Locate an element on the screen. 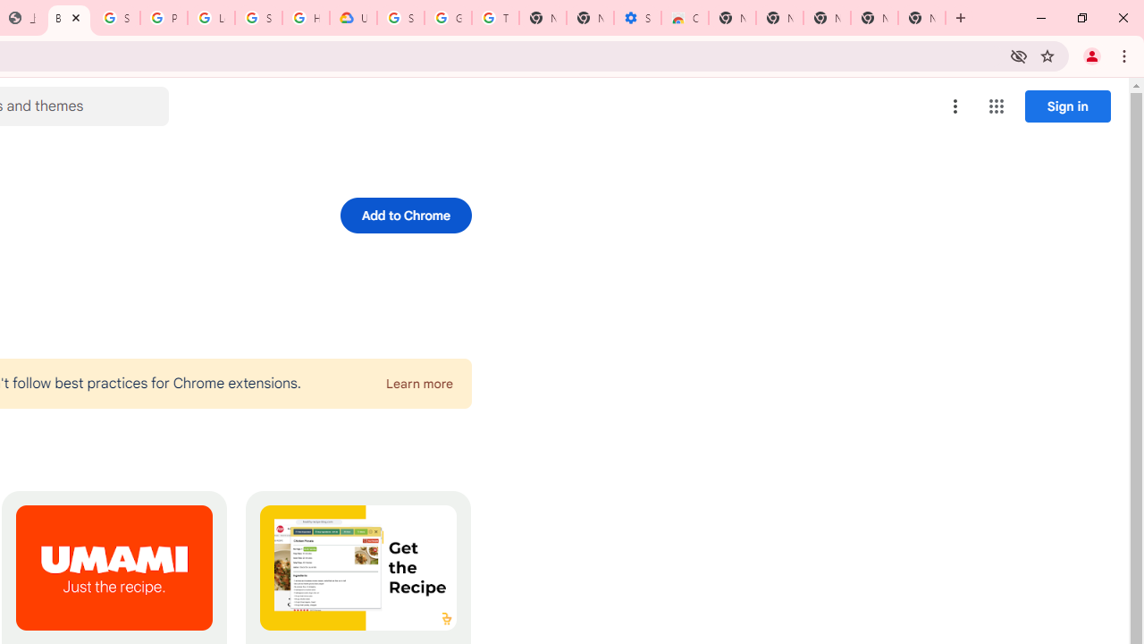  'Google Account Help' is located at coordinates (448, 18).